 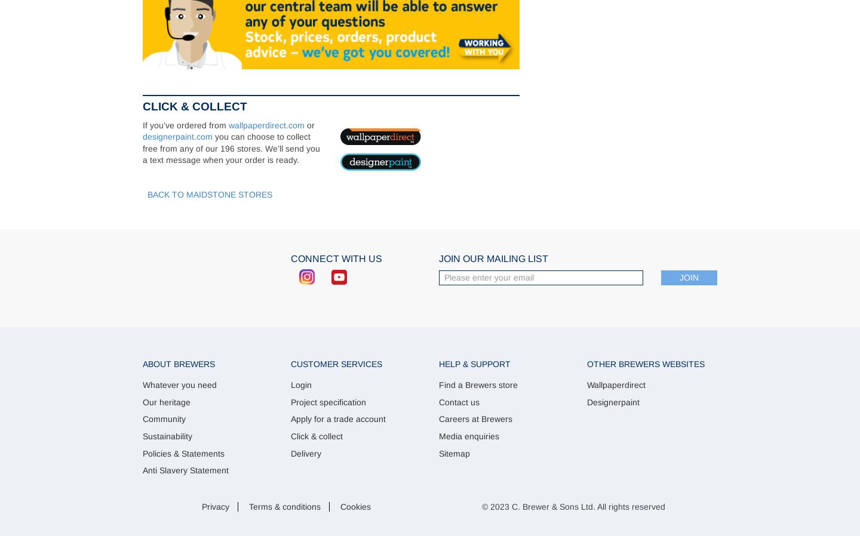 I want to click on 'Back to Maidstone Stores', so click(x=146, y=193).